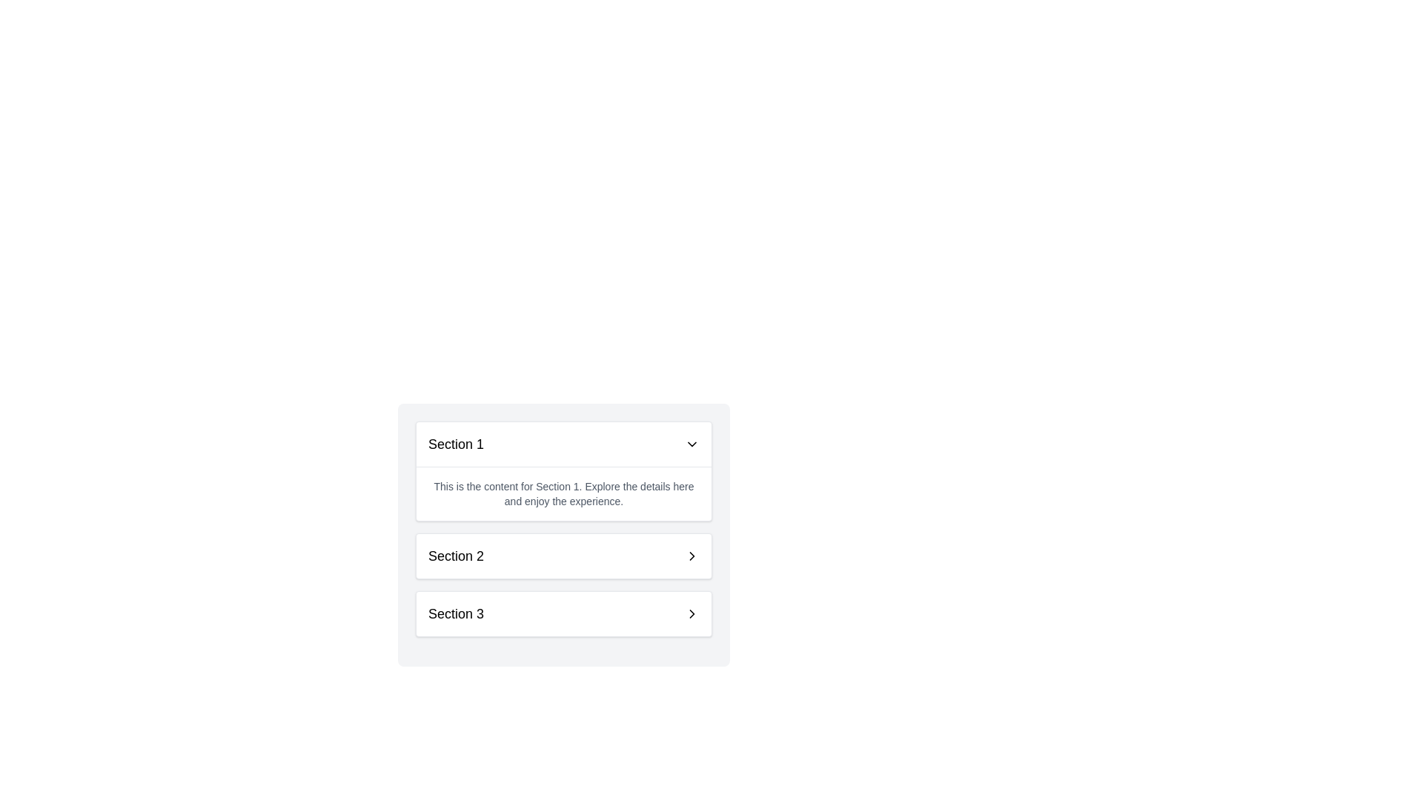 The width and height of the screenshot is (1423, 800). I want to click on the chevron icon located in the third section labeled 'Section 3', so click(691, 614).